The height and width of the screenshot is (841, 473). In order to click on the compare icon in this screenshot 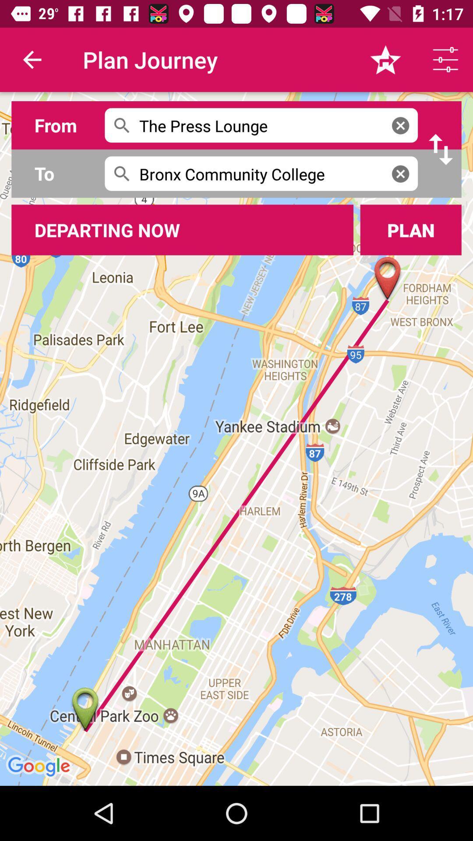, I will do `click(441, 149)`.